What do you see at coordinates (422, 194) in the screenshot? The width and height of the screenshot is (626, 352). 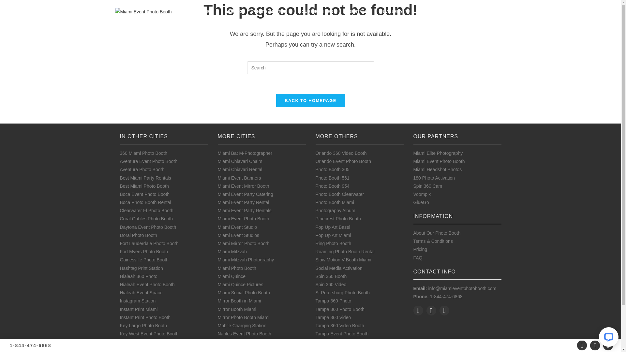 I see `'Voompix'` at bounding box center [422, 194].